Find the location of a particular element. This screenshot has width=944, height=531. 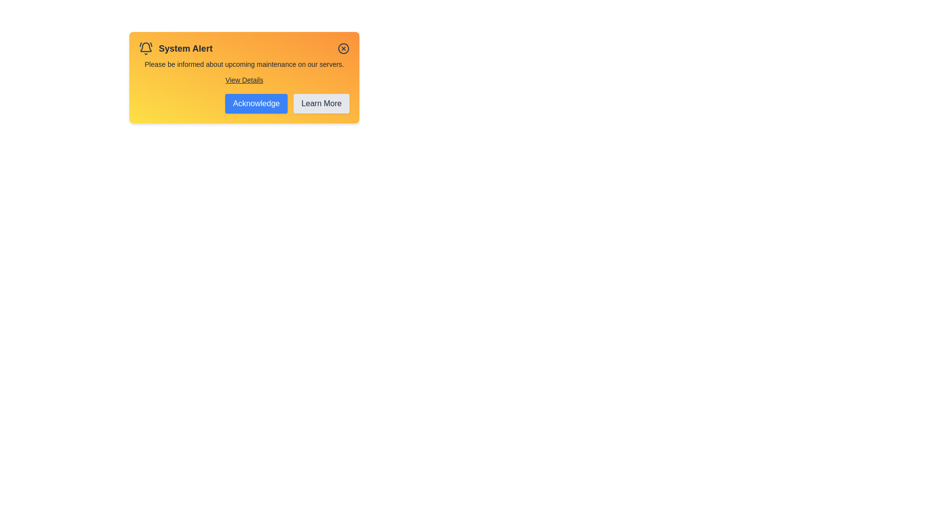

the 'Acknowledge' button to acknowledge the alert is located at coordinates (256, 104).